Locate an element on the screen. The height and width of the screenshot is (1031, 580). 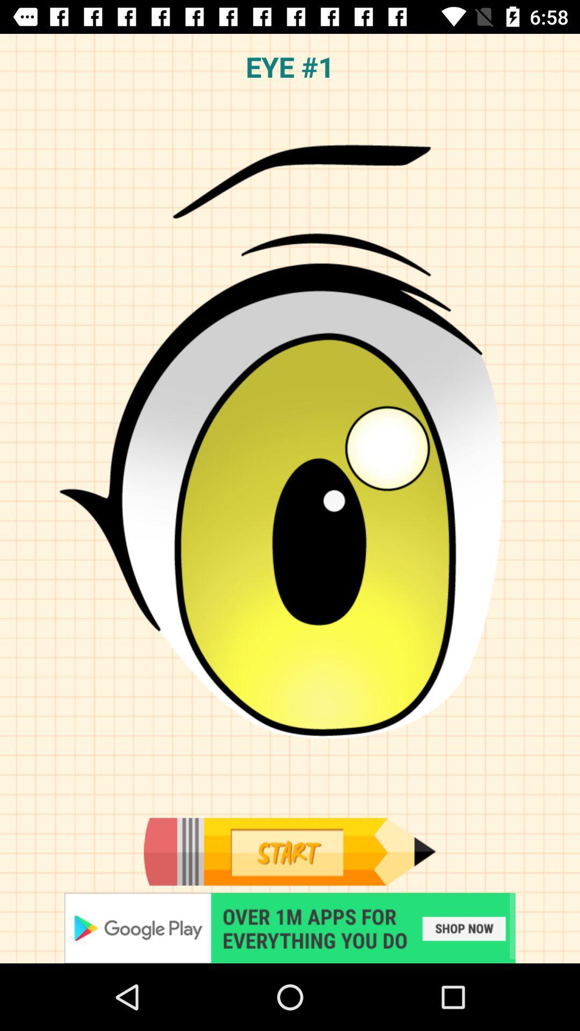
start putturn is located at coordinates (289, 851).